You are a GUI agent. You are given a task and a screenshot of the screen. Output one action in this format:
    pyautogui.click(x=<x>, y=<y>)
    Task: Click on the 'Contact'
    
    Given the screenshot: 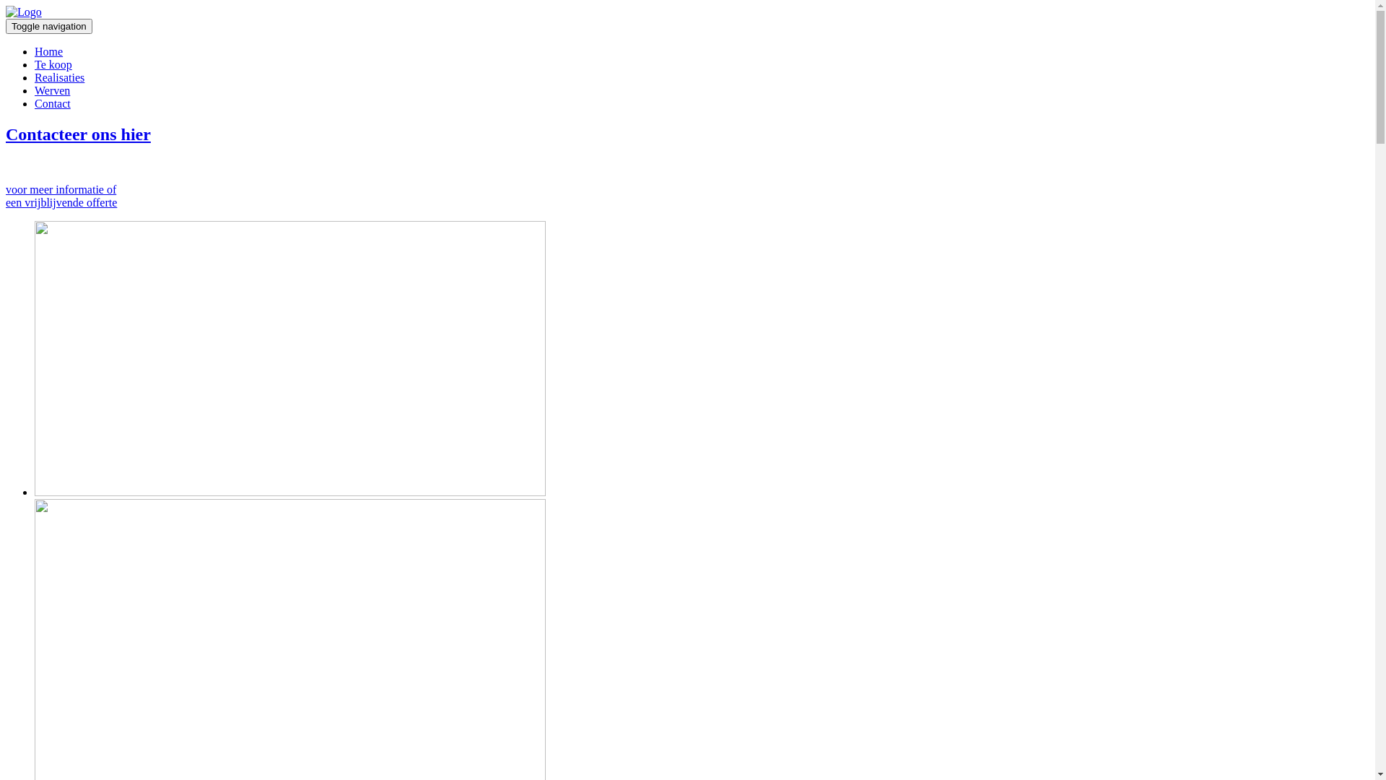 What is the action you would take?
    pyautogui.click(x=52, y=103)
    